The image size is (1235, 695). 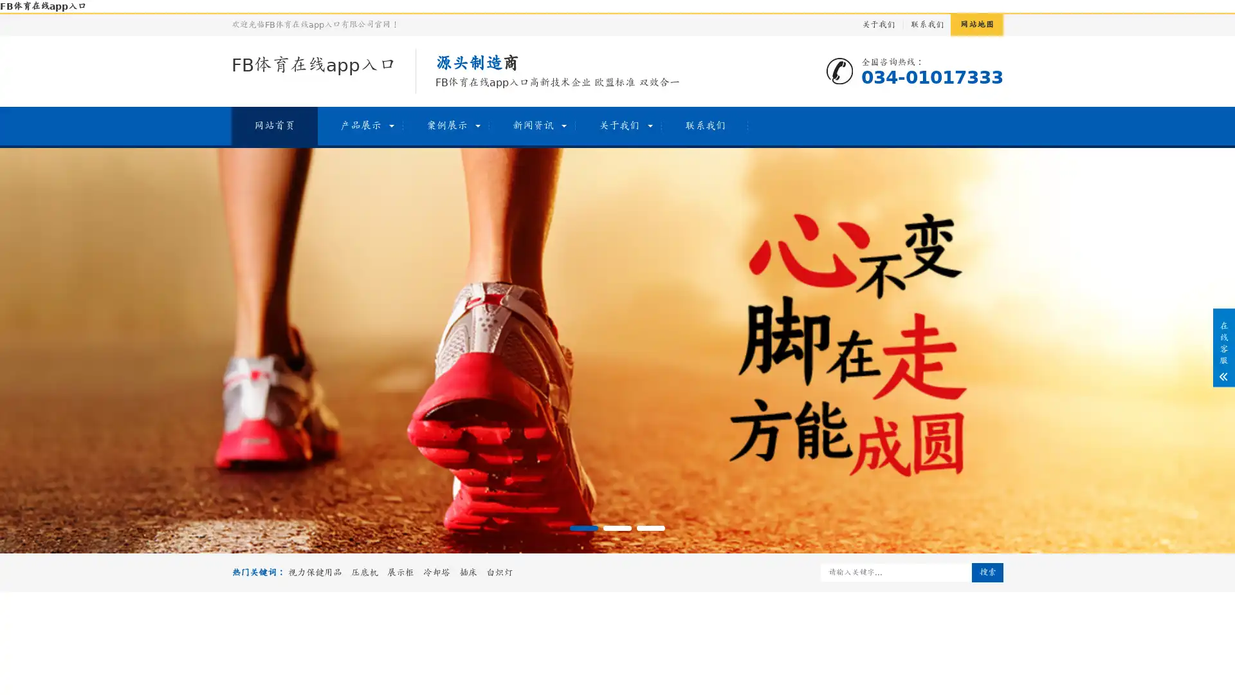 What do you see at coordinates (583, 528) in the screenshot?
I see `Go to slide 1` at bounding box center [583, 528].